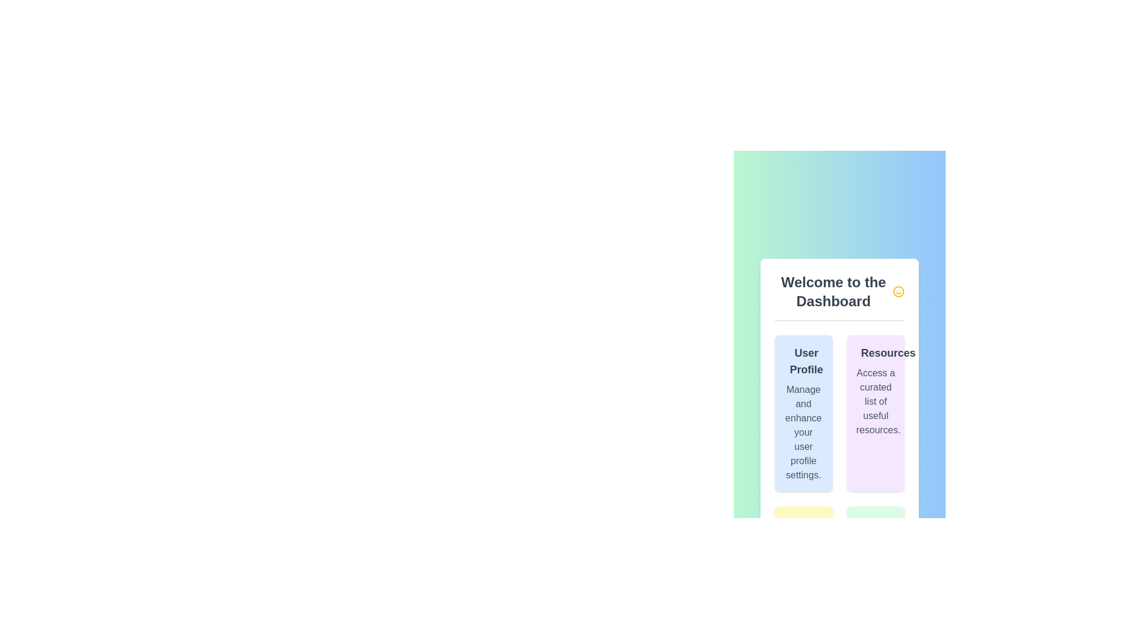 This screenshot has height=641, width=1139. What do you see at coordinates (784, 360) in the screenshot?
I see `the 'User Profile' icon located to the left of the 'User Profile' label` at bounding box center [784, 360].